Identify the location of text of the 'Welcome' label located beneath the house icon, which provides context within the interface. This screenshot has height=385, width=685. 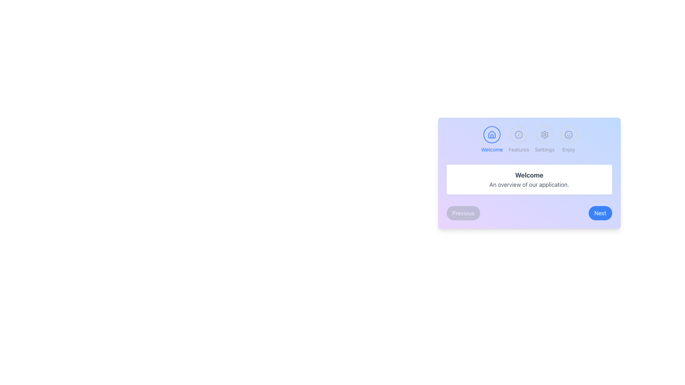
(492, 149).